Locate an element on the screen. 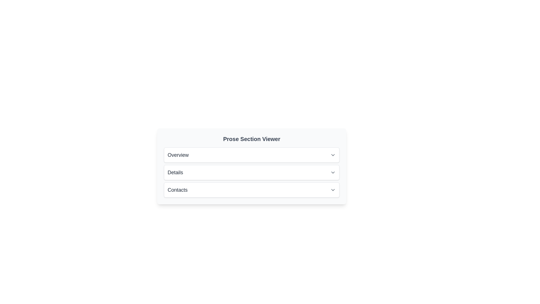 The width and height of the screenshot is (540, 304). the Chevron icon located at the far right of the 'Details' row is located at coordinates (333, 172).